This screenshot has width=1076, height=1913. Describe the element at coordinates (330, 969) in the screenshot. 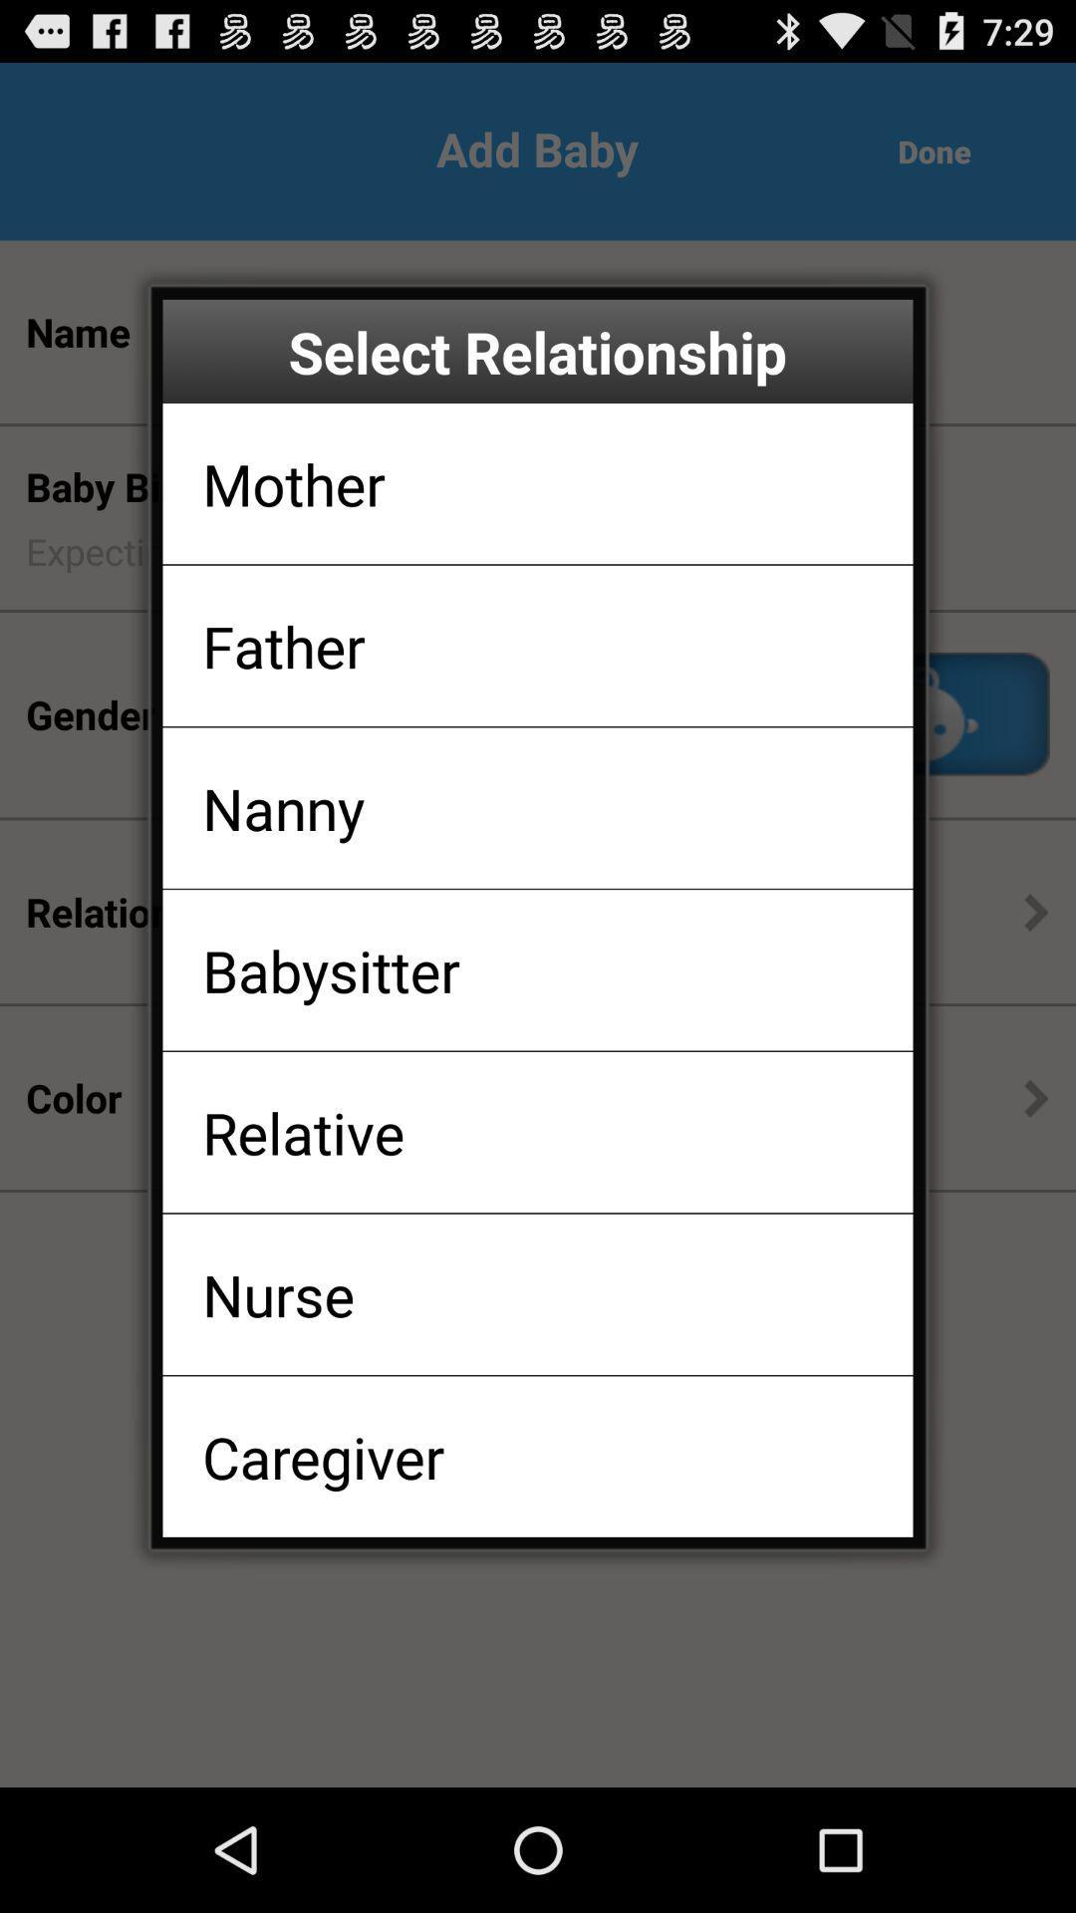

I see `icon below the nanny item` at that location.